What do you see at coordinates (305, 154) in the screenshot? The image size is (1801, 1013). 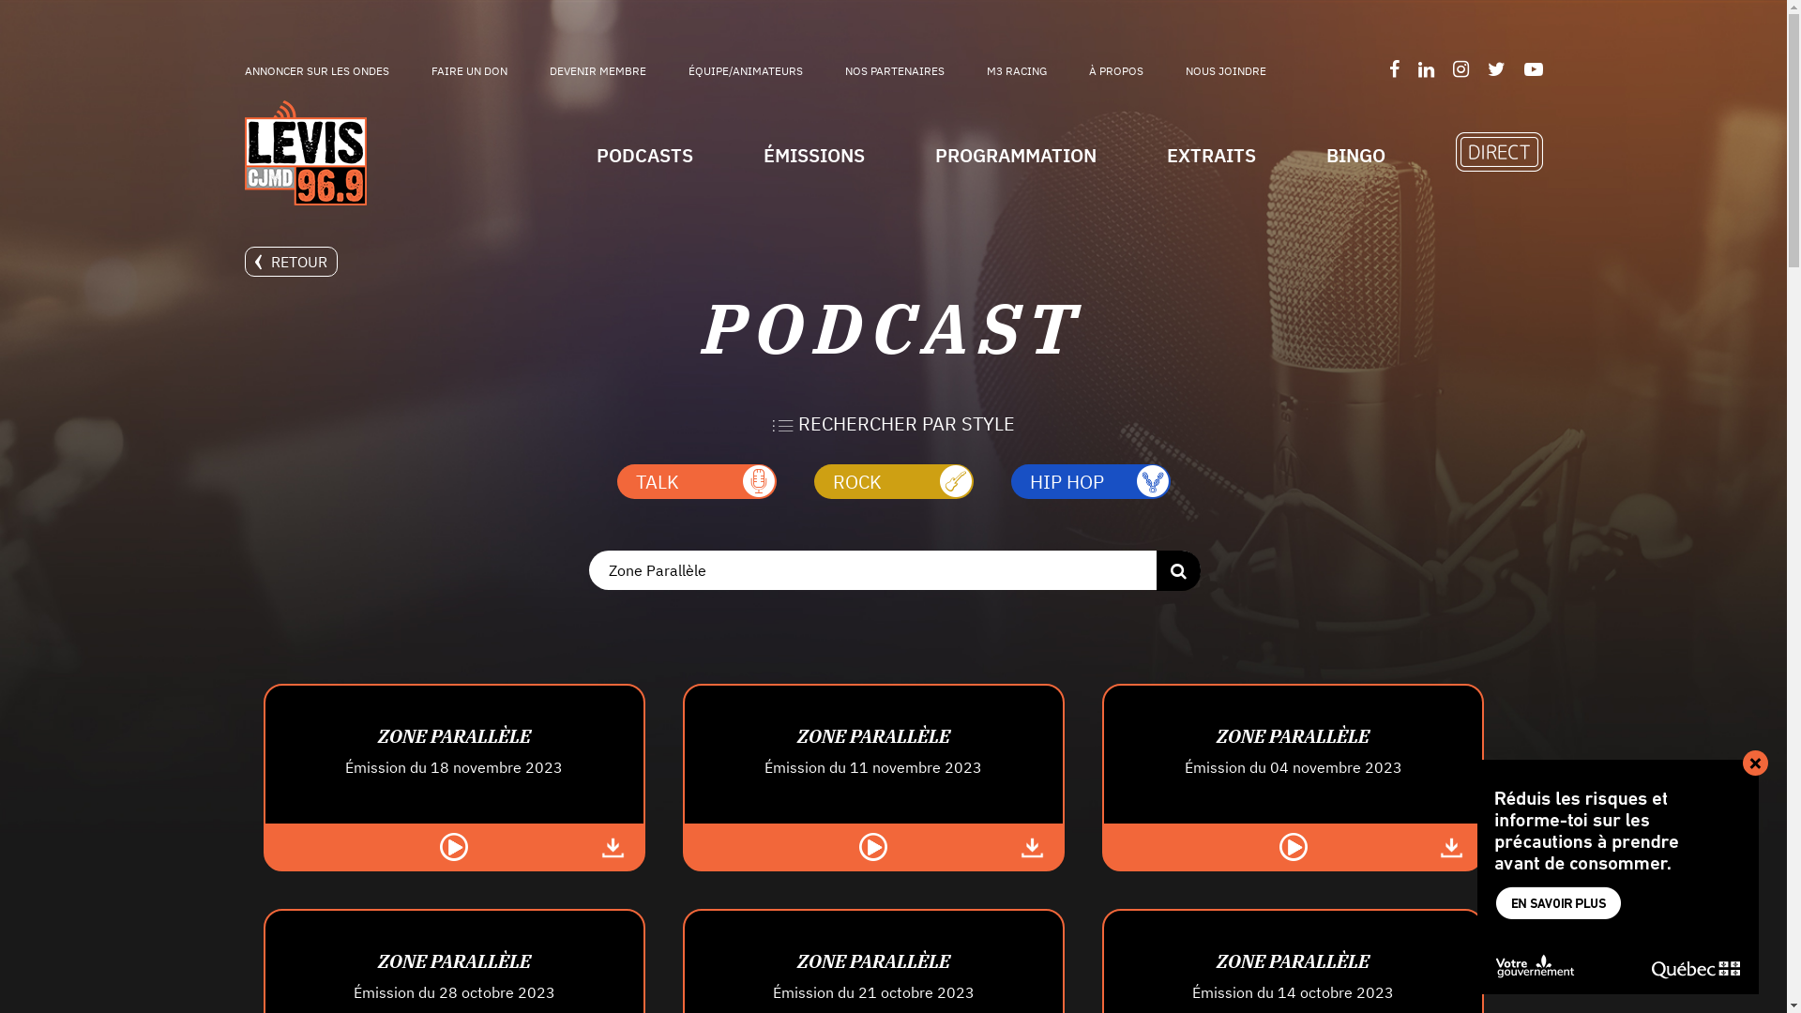 I see `'Logo 96.9FM'` at bounding box center [305, 154].